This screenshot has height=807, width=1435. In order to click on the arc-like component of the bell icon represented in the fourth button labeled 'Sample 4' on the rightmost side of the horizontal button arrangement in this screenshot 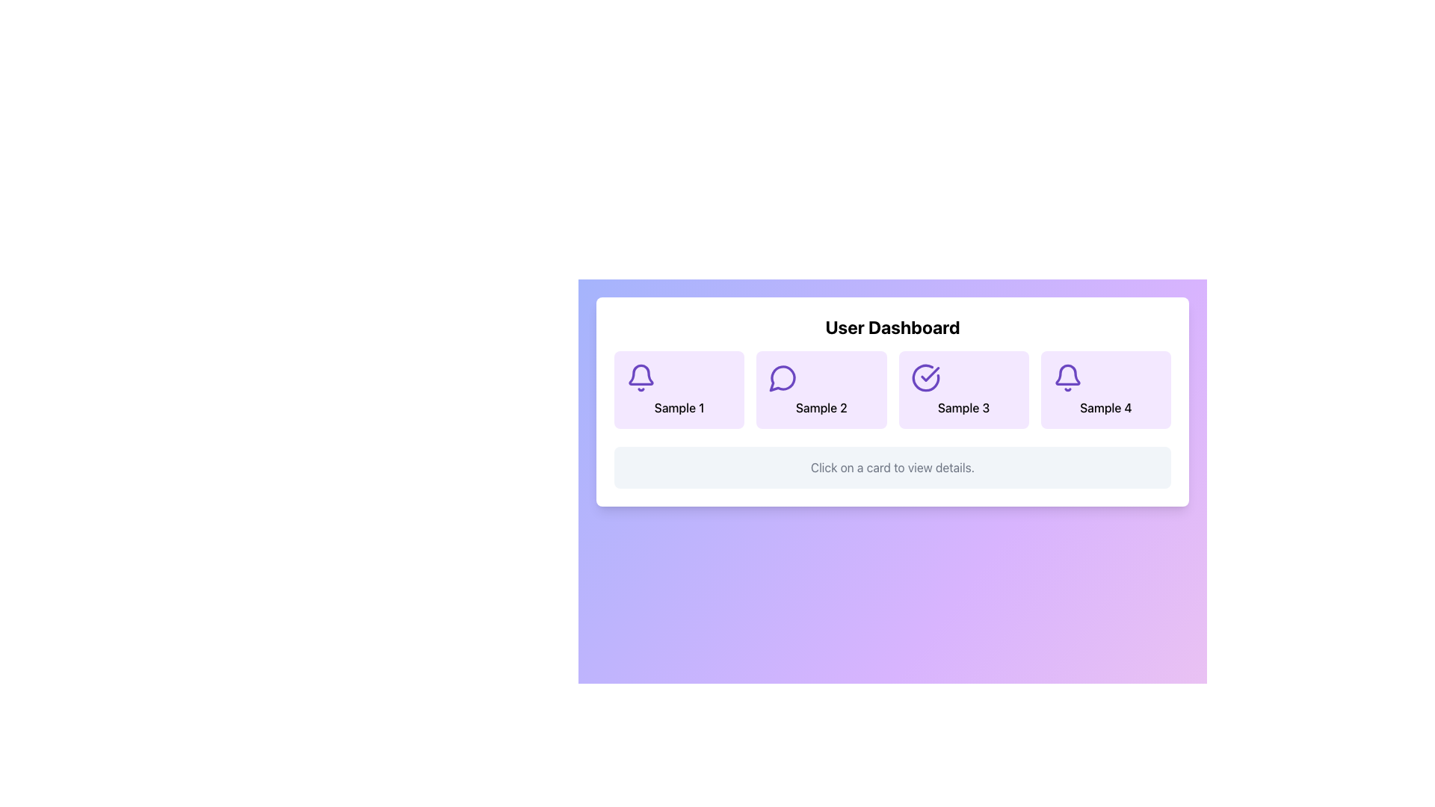, I will do `click(1067, 374)`.